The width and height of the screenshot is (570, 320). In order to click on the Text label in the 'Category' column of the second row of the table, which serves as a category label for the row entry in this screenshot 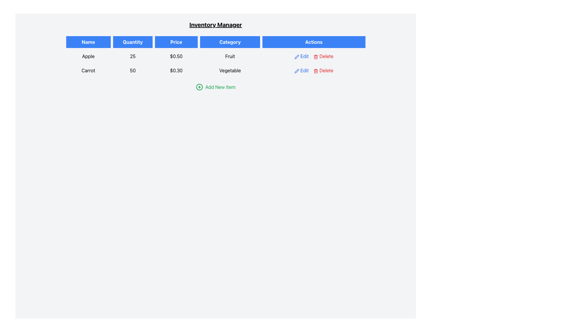, I will do `click(229, 70)`.